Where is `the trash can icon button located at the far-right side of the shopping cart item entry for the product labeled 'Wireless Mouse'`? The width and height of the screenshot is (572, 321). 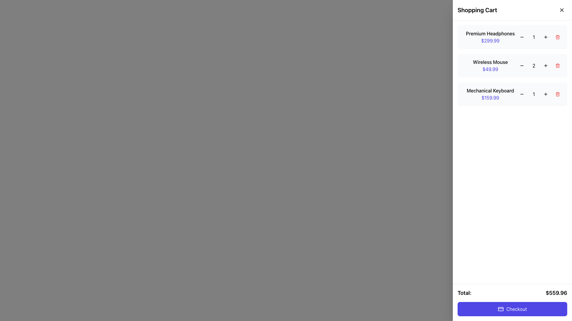
the trash can icon button located at the far-right side of the shopping cart item entry for the product labeled 'Wireless Mouse' is located at coordinates (557, 65).